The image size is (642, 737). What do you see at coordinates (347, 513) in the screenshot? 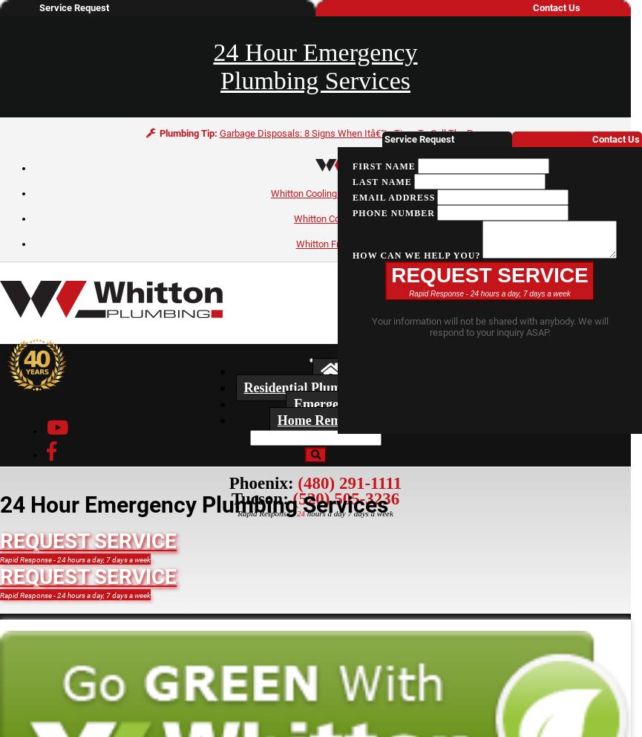
I see `'hours a day 7 days a week'` at bounding box center [347, 513].